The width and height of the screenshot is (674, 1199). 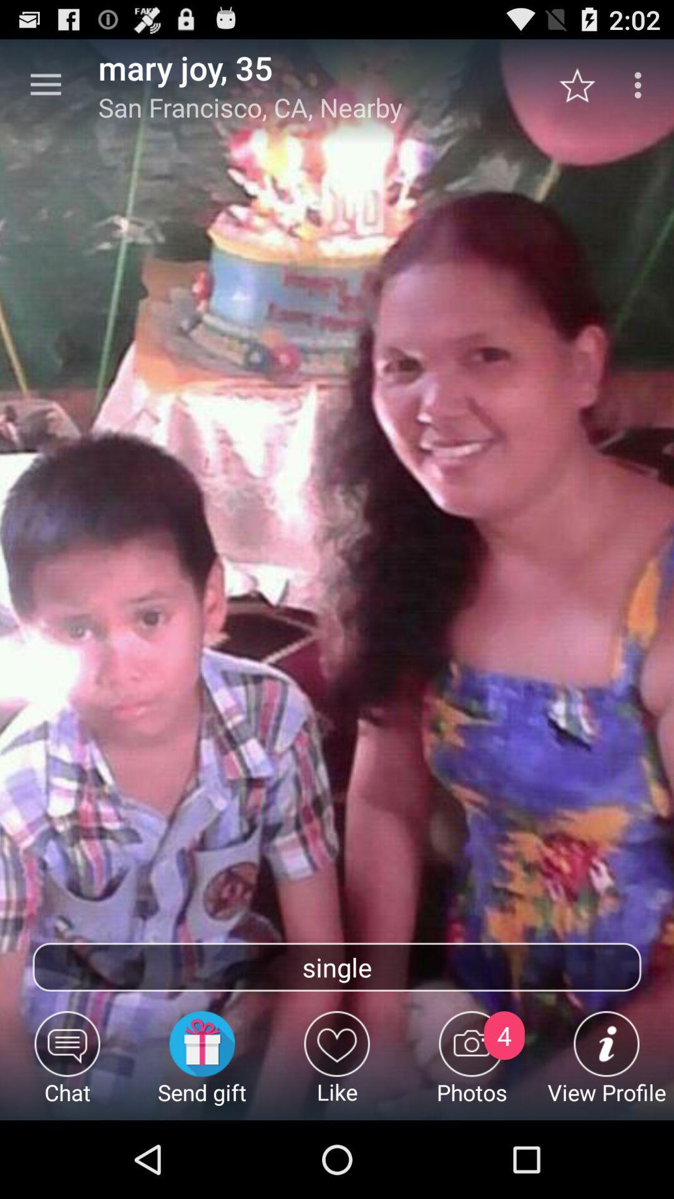 I want to click on item below the single item, so click(x=337, y=1065).